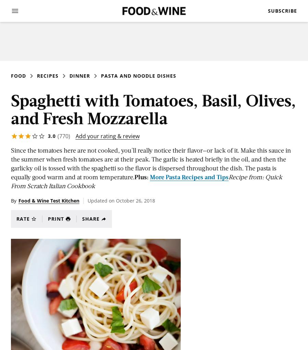 The image size is (308, 350). Describe the element at coordinates (13, 200) in the screenshot. I see `'By'` at that location.